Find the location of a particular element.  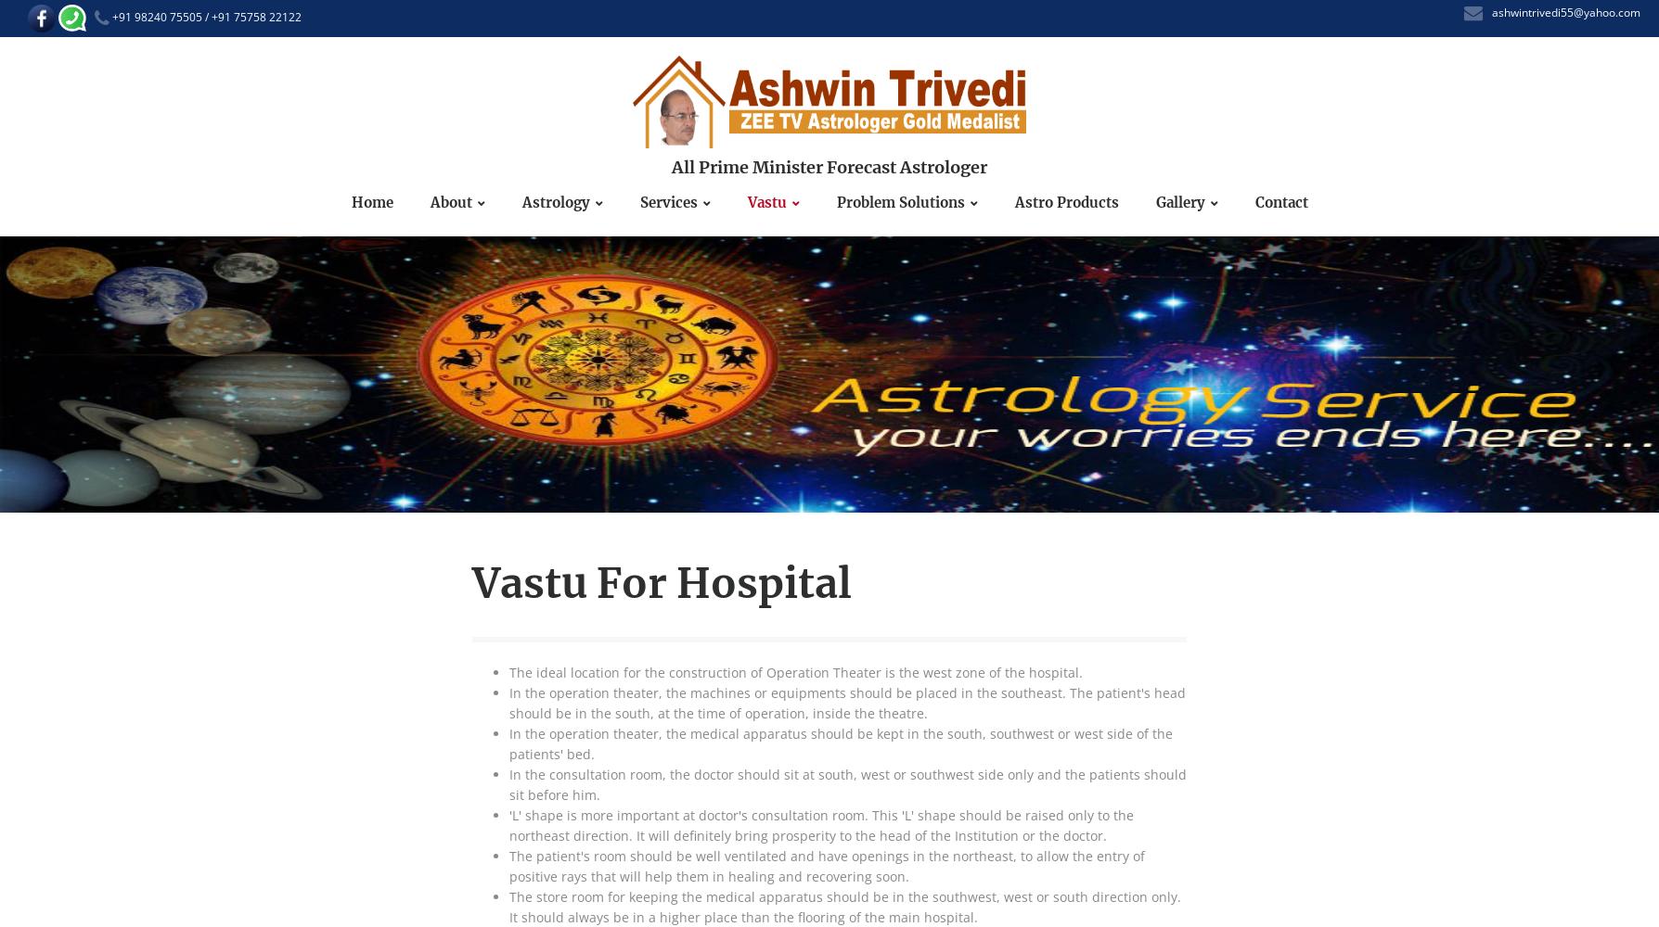

'VASTU FOR HOSPITALS' is located at coordinates (745, 490).